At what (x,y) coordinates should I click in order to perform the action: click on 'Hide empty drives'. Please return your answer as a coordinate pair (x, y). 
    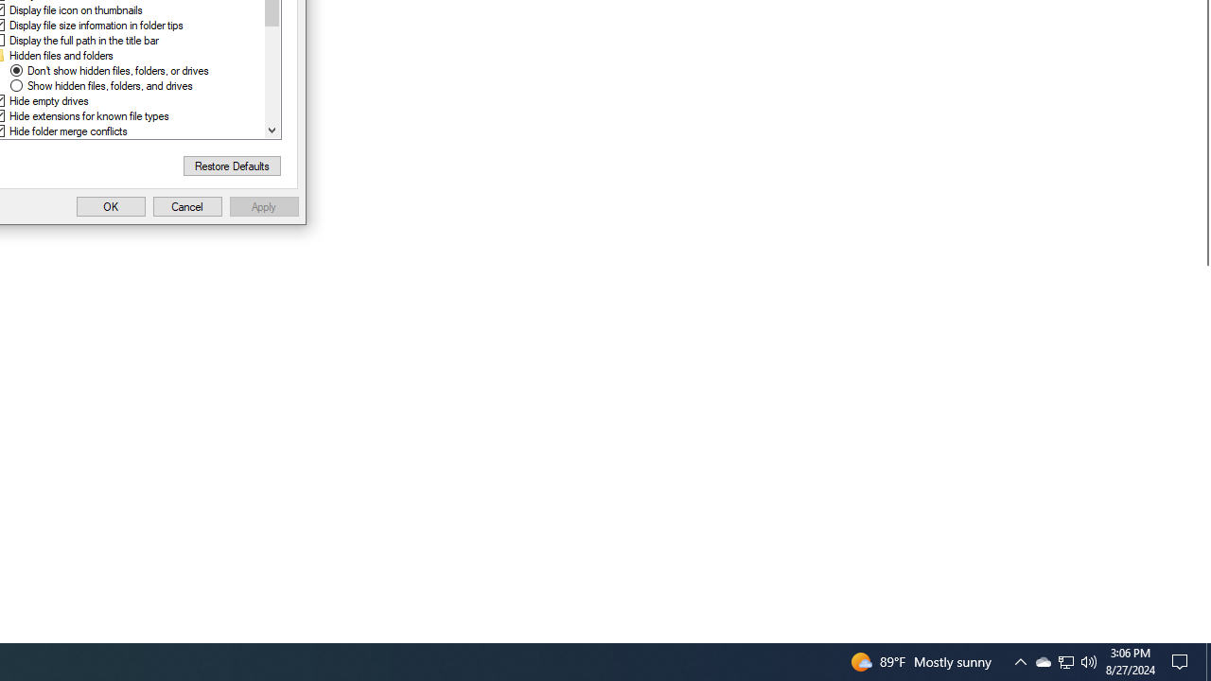
    Looking at the image, I should click on (48, 101).